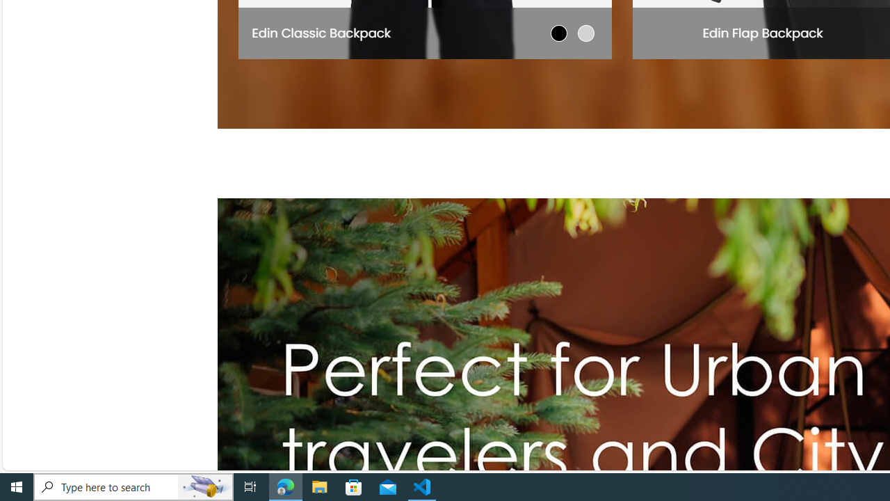 The height and width of the screenshot is (501, 890). Describe the element at coordinates (585, 32) in the screenshot. I see `'Light Gray'` at that location.